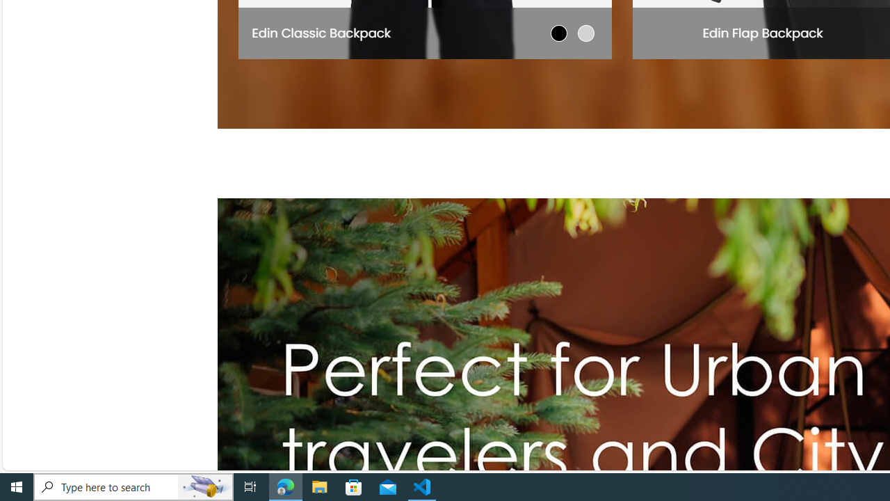 The height and width of the screenshot is (501, 890). Describe the element at coordinates (585, 32) in the screenshot. I see `'Light Gray'` at that location.